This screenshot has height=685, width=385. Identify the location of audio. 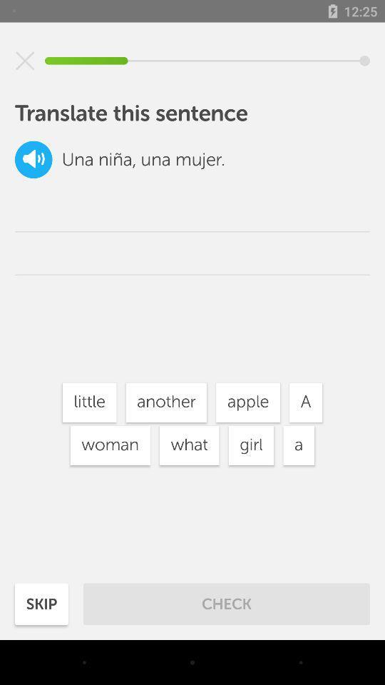
(34, 159).